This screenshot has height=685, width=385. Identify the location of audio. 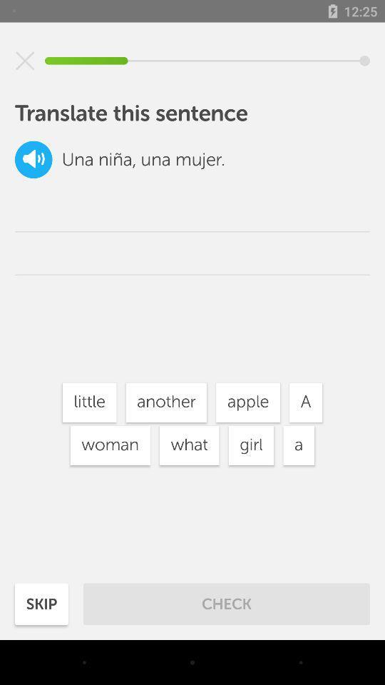
(34, 159).